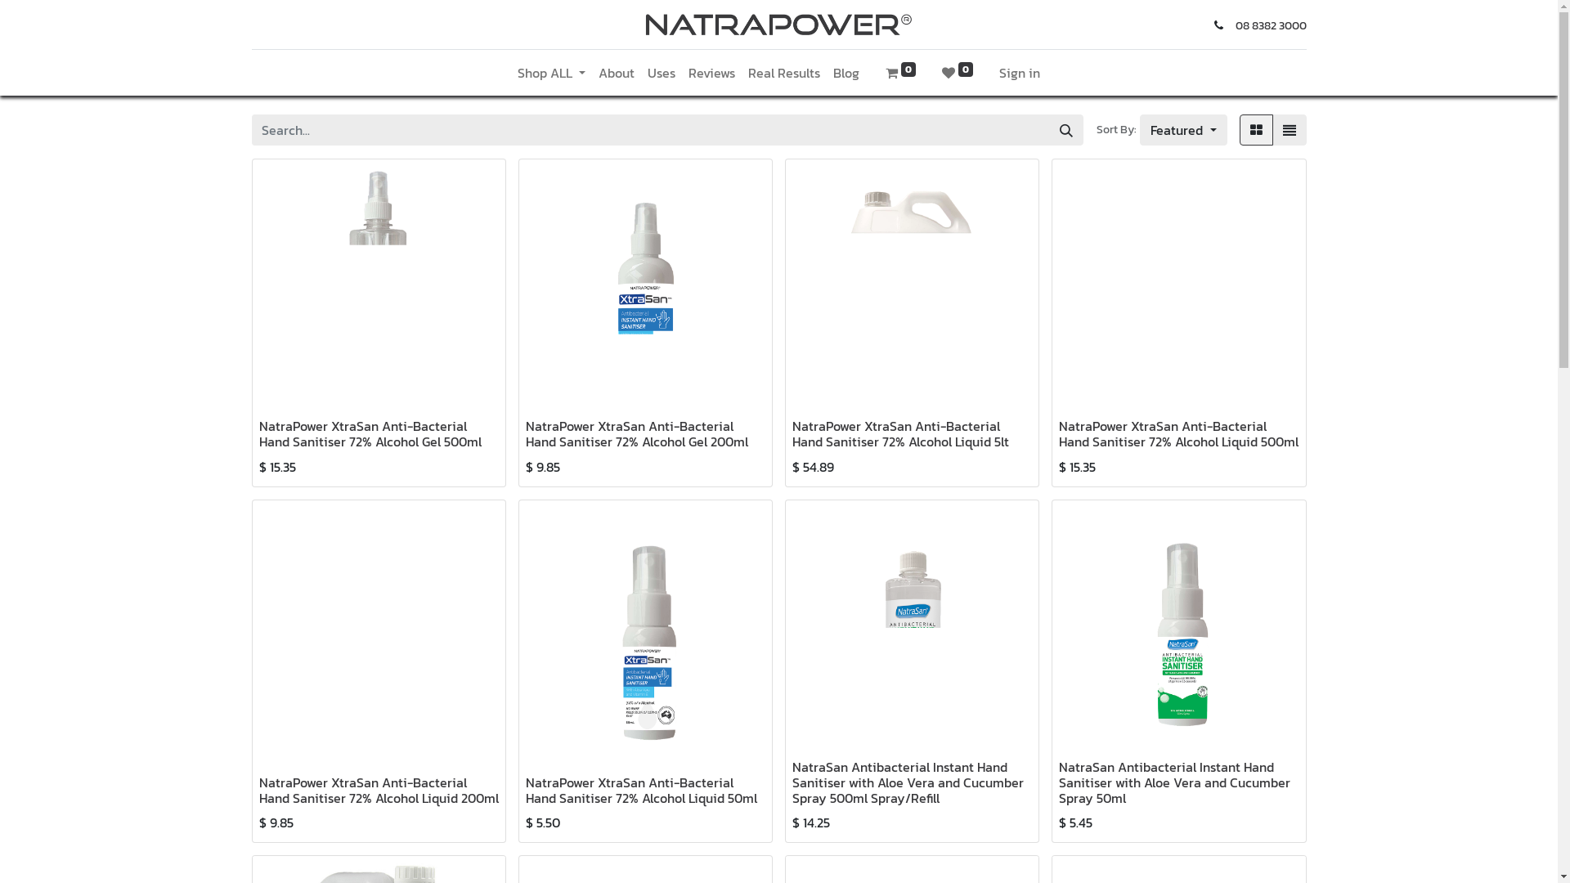  Describe the element at coordinates (899, 71) in the screenshot. I see `'0'` at that location.